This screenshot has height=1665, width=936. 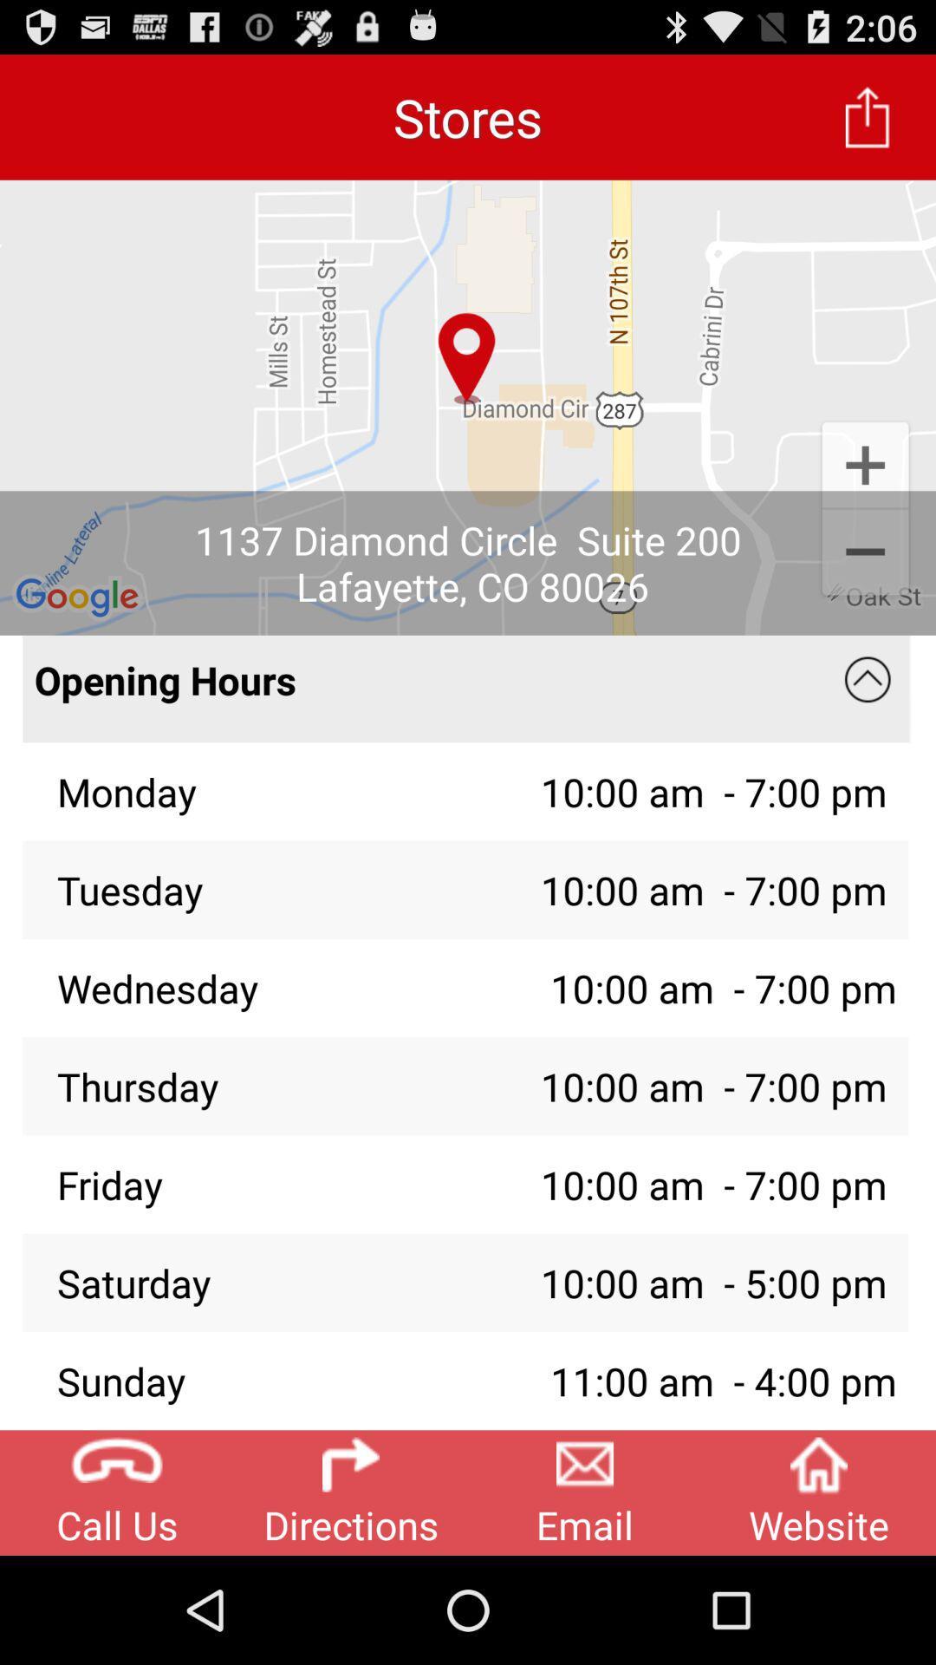 What do you see at coordinates (585, 1492) in the screenshot?
I see `the item below sunday  item` at bounding box center [585, 1492].